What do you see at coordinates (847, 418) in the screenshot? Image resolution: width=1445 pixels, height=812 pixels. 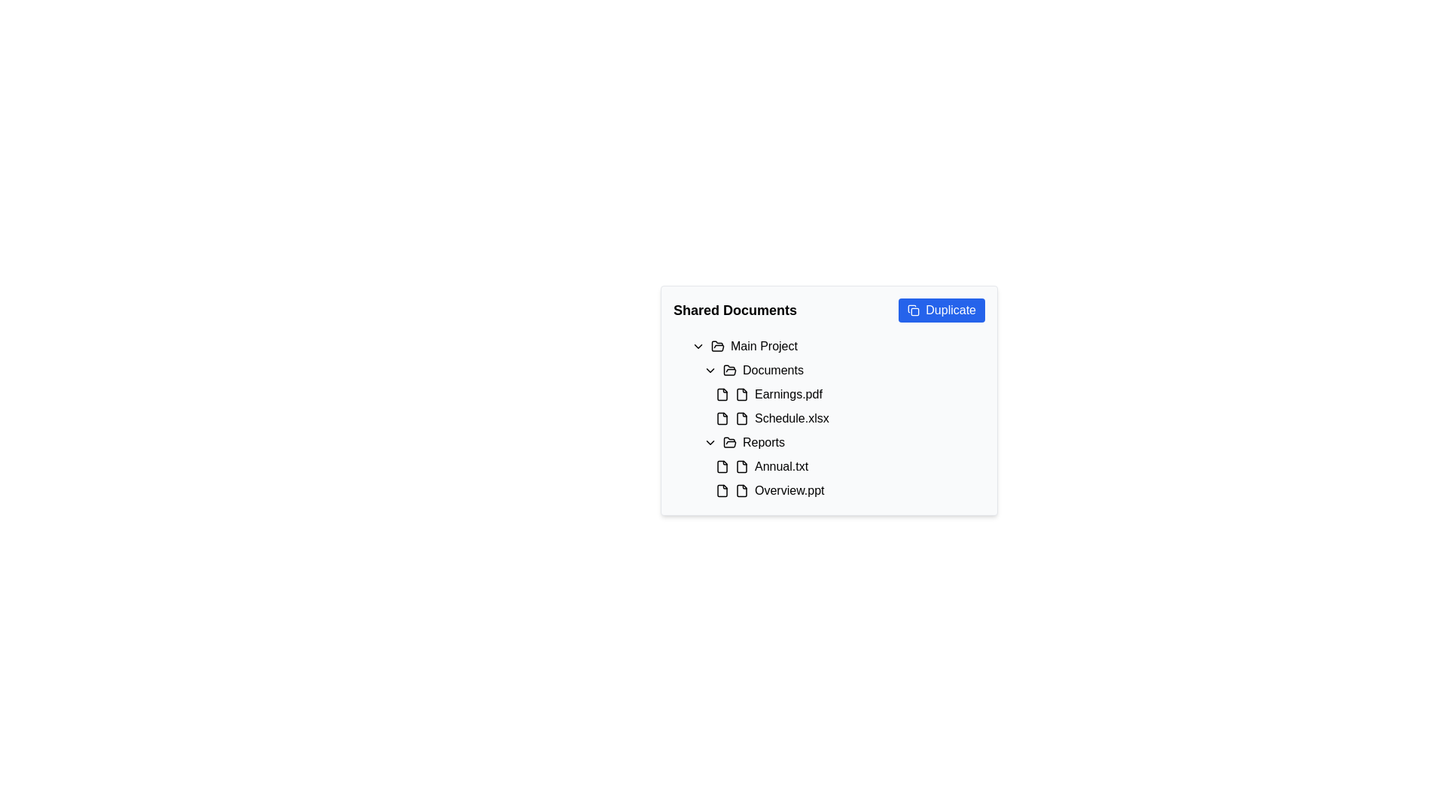 I see `the file display item labeled 'Schedule.xlsx'` at bounding box center [847, 418].